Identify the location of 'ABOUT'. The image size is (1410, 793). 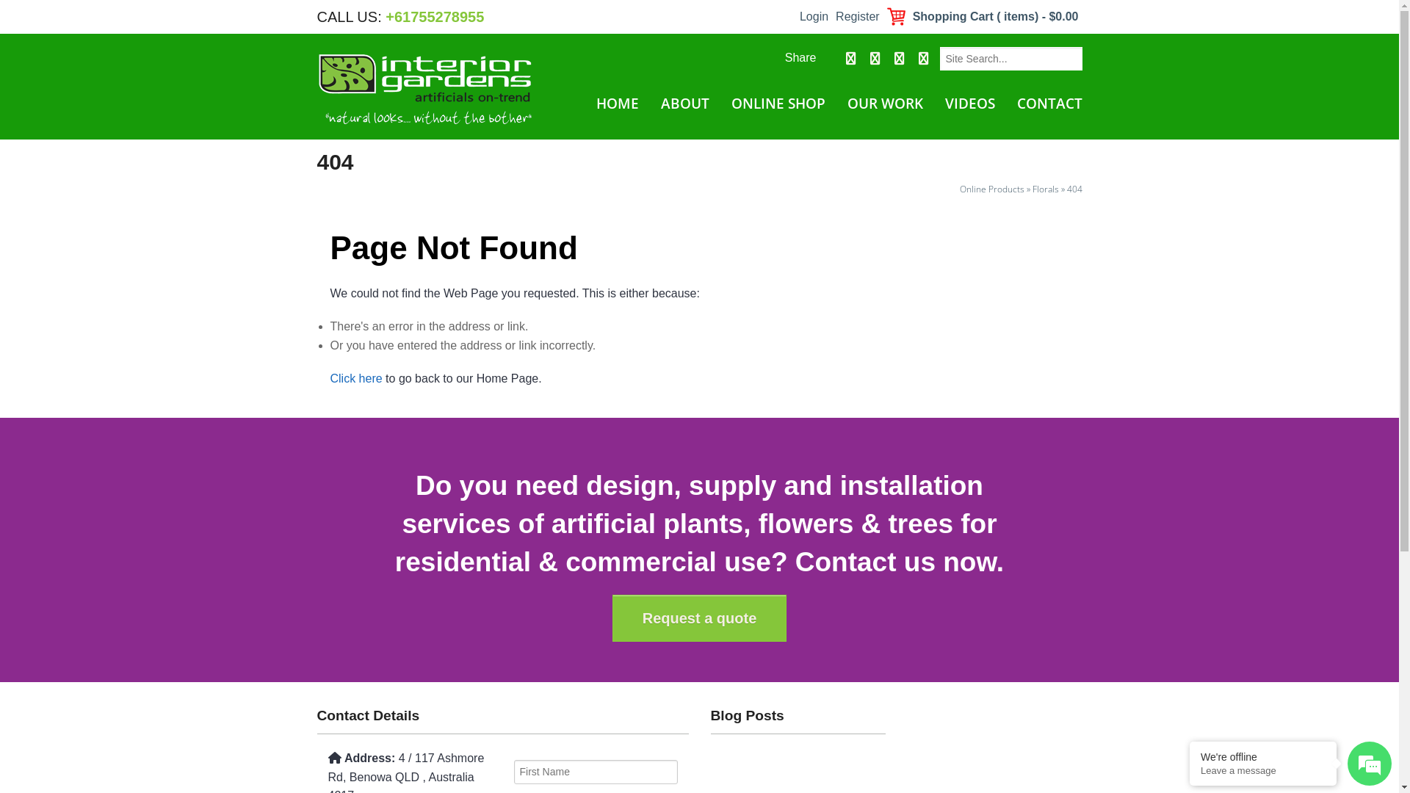
(683, 103).